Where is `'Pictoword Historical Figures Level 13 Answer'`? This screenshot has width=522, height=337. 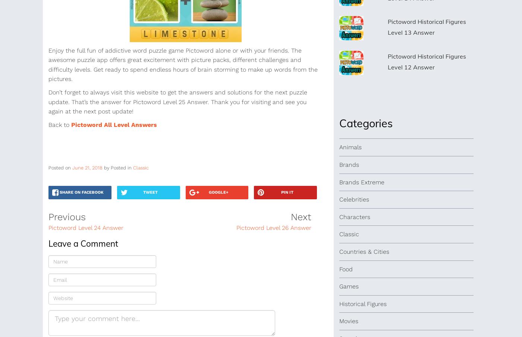
'Pictoword Historical Figures Level 13 Answer' is located at coordinates (426, 27).